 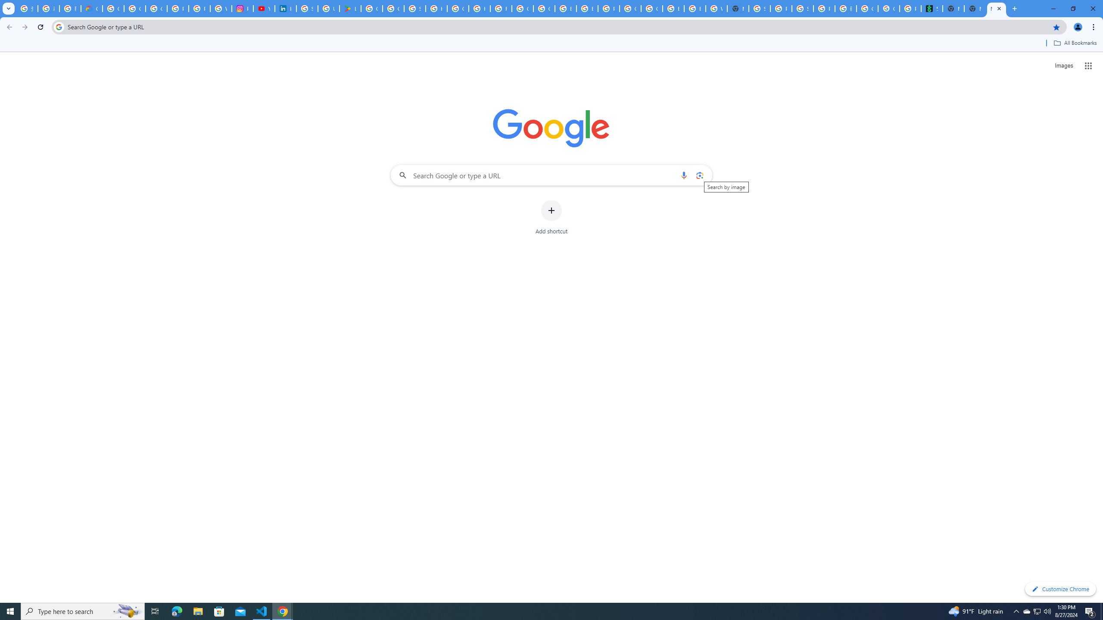 What do you see at coordinates (286, 8) in the screenshot?
I see `'Identity verification via Persona | LinkedIn Help'` at bounding box center [286, 8].